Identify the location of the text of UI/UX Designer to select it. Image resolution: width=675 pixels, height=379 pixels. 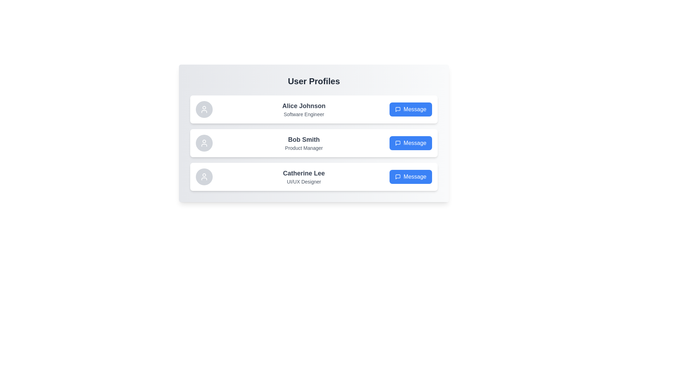
(304, 181).